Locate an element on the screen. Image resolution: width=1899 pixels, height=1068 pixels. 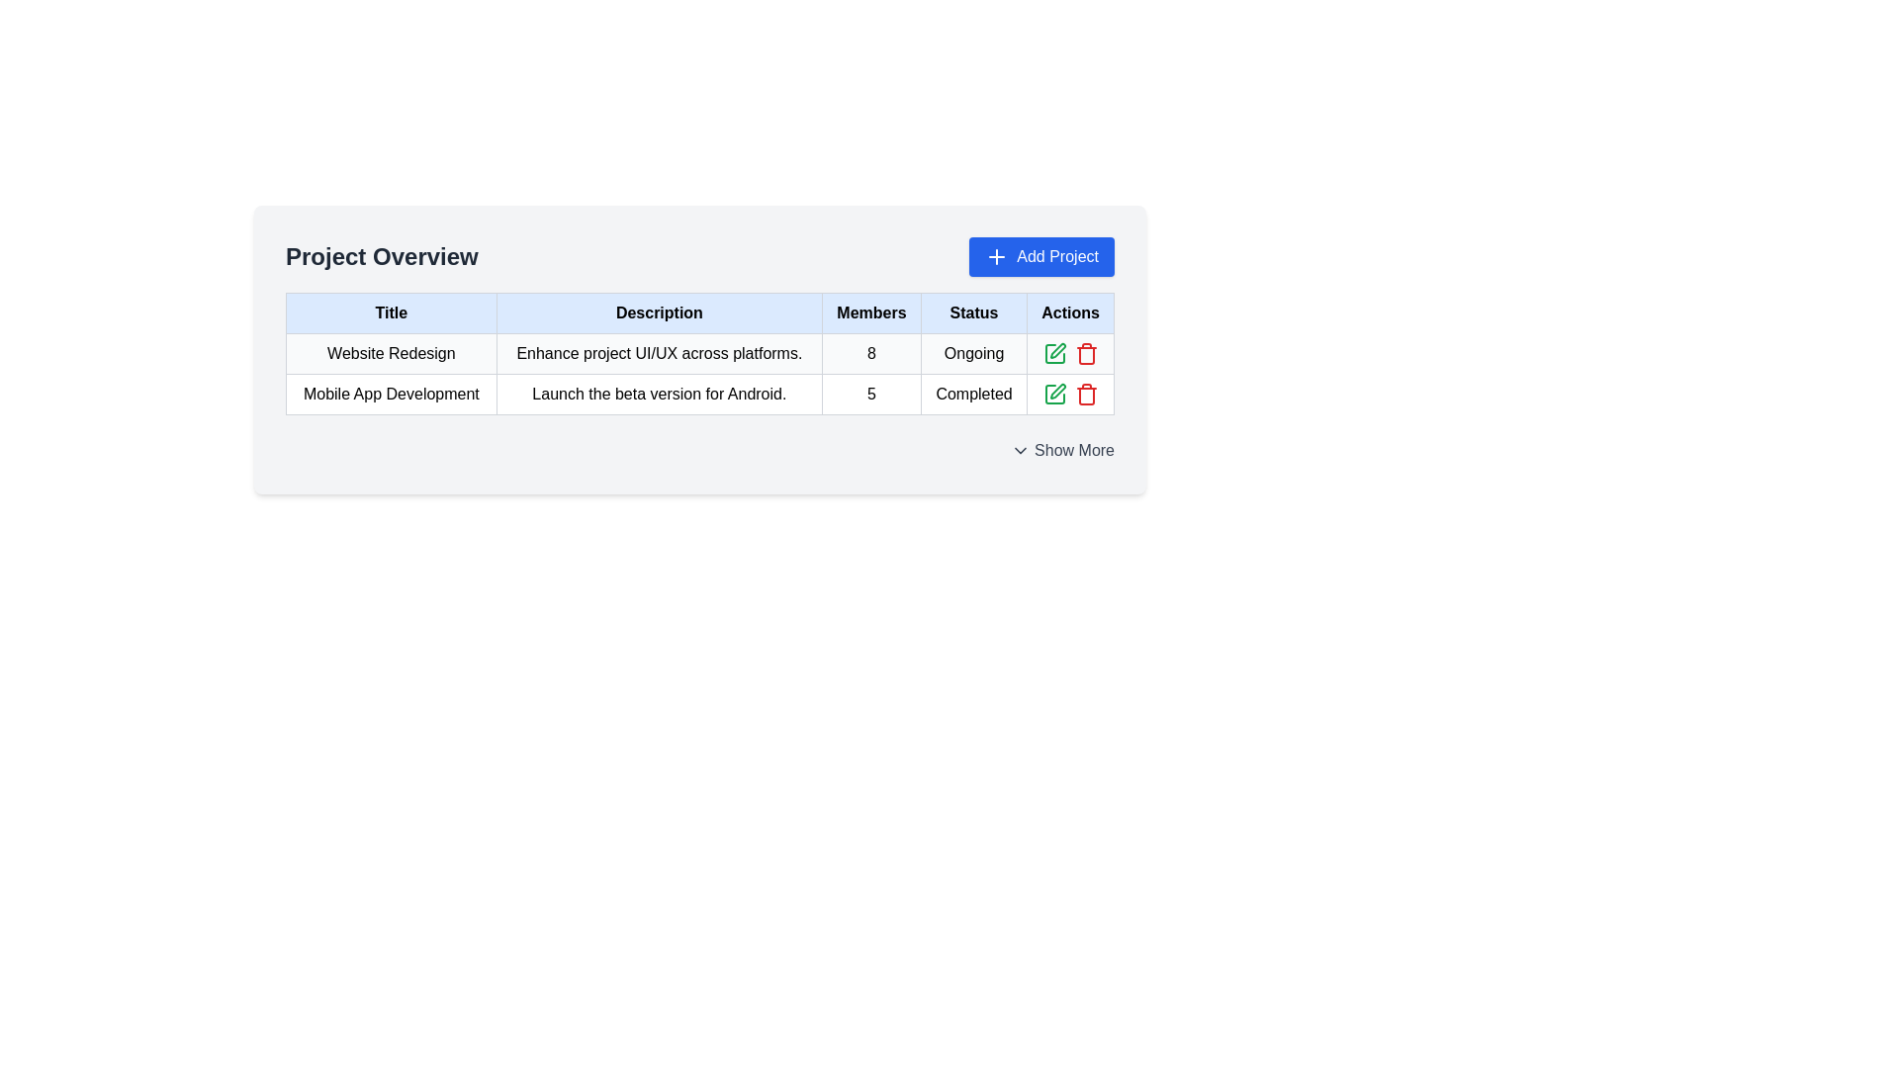
the first table row in the 'Project Overview' section that contains the title 'Website Redesign', the description 'Enhance project UI/UX across platforms.', the number '8' for members, and the status 'Ongoing' is located at coordinates (700, 374).